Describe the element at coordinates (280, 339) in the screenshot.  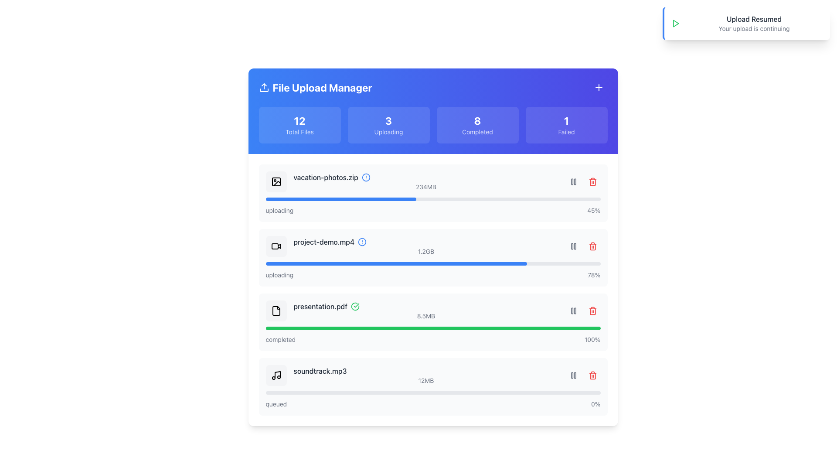
I see `the 'completed' label, which is a light gray textual label indicating the status of the 'presentation.pdf' file upload, located below the progress bar and adjacent to a green completion bar` at that location.